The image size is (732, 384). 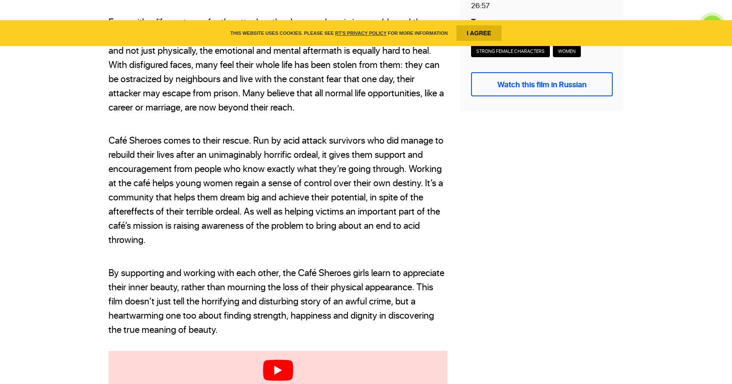 What do you see at coordinates (567, 50) in the screenshot?
I see `'Women'` at bounding box center [567, 50].